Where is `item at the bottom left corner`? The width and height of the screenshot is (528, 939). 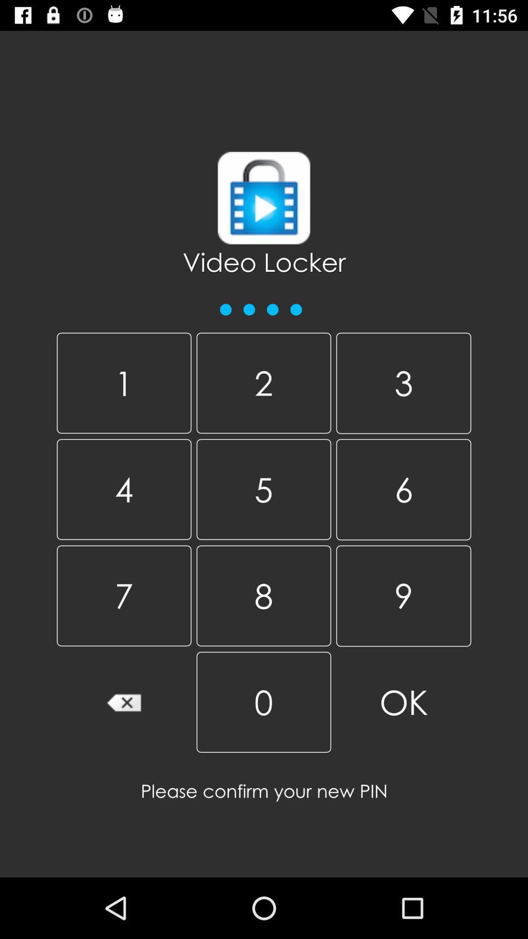 item at the bottom left corner is located at coordinates (123, 701).